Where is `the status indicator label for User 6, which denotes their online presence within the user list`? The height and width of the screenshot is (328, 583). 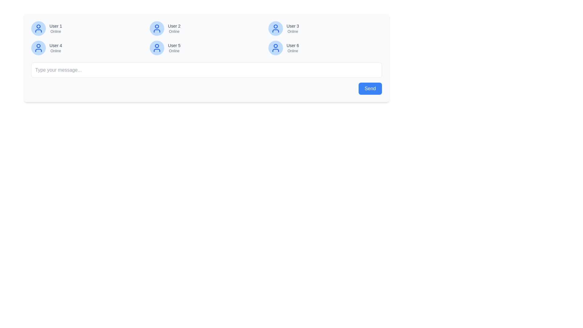 the status indicator label for User 6, which denotes their online presence within the user list is located at coordinates (293, 51).